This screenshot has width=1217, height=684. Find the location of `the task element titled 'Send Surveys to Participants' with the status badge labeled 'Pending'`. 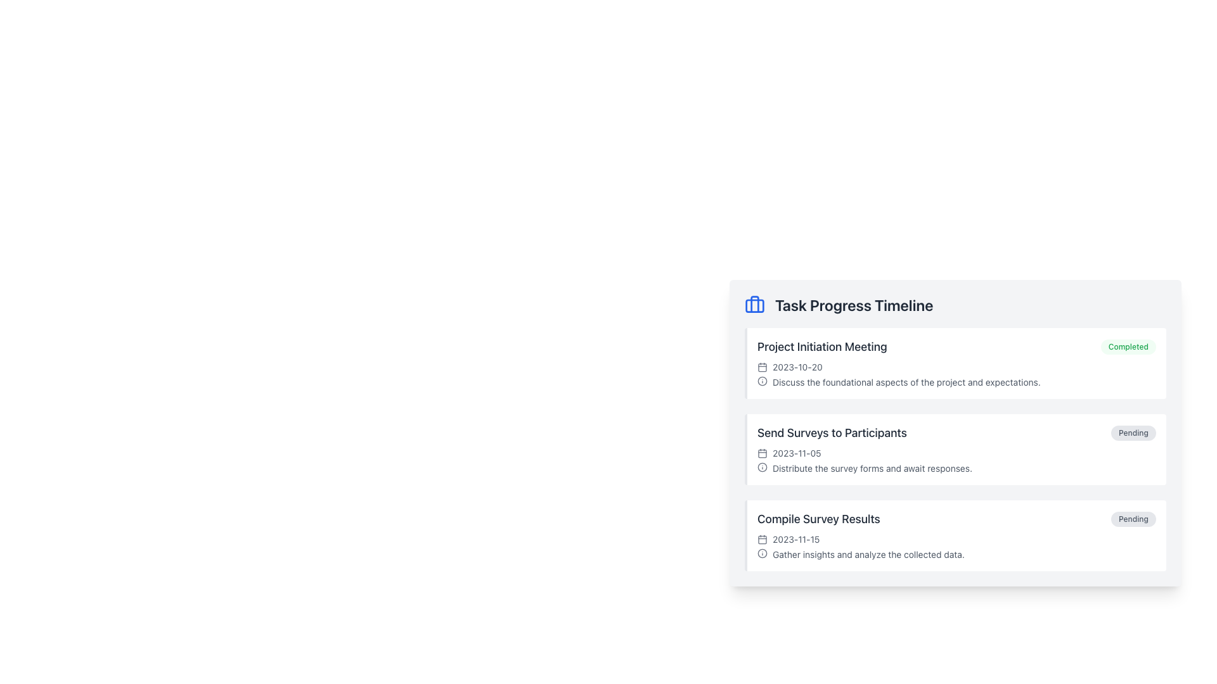

the task element titled 'Send Surveys to Participants' with the status badge labeled 'Pending' is located at coordinates (956, 432).